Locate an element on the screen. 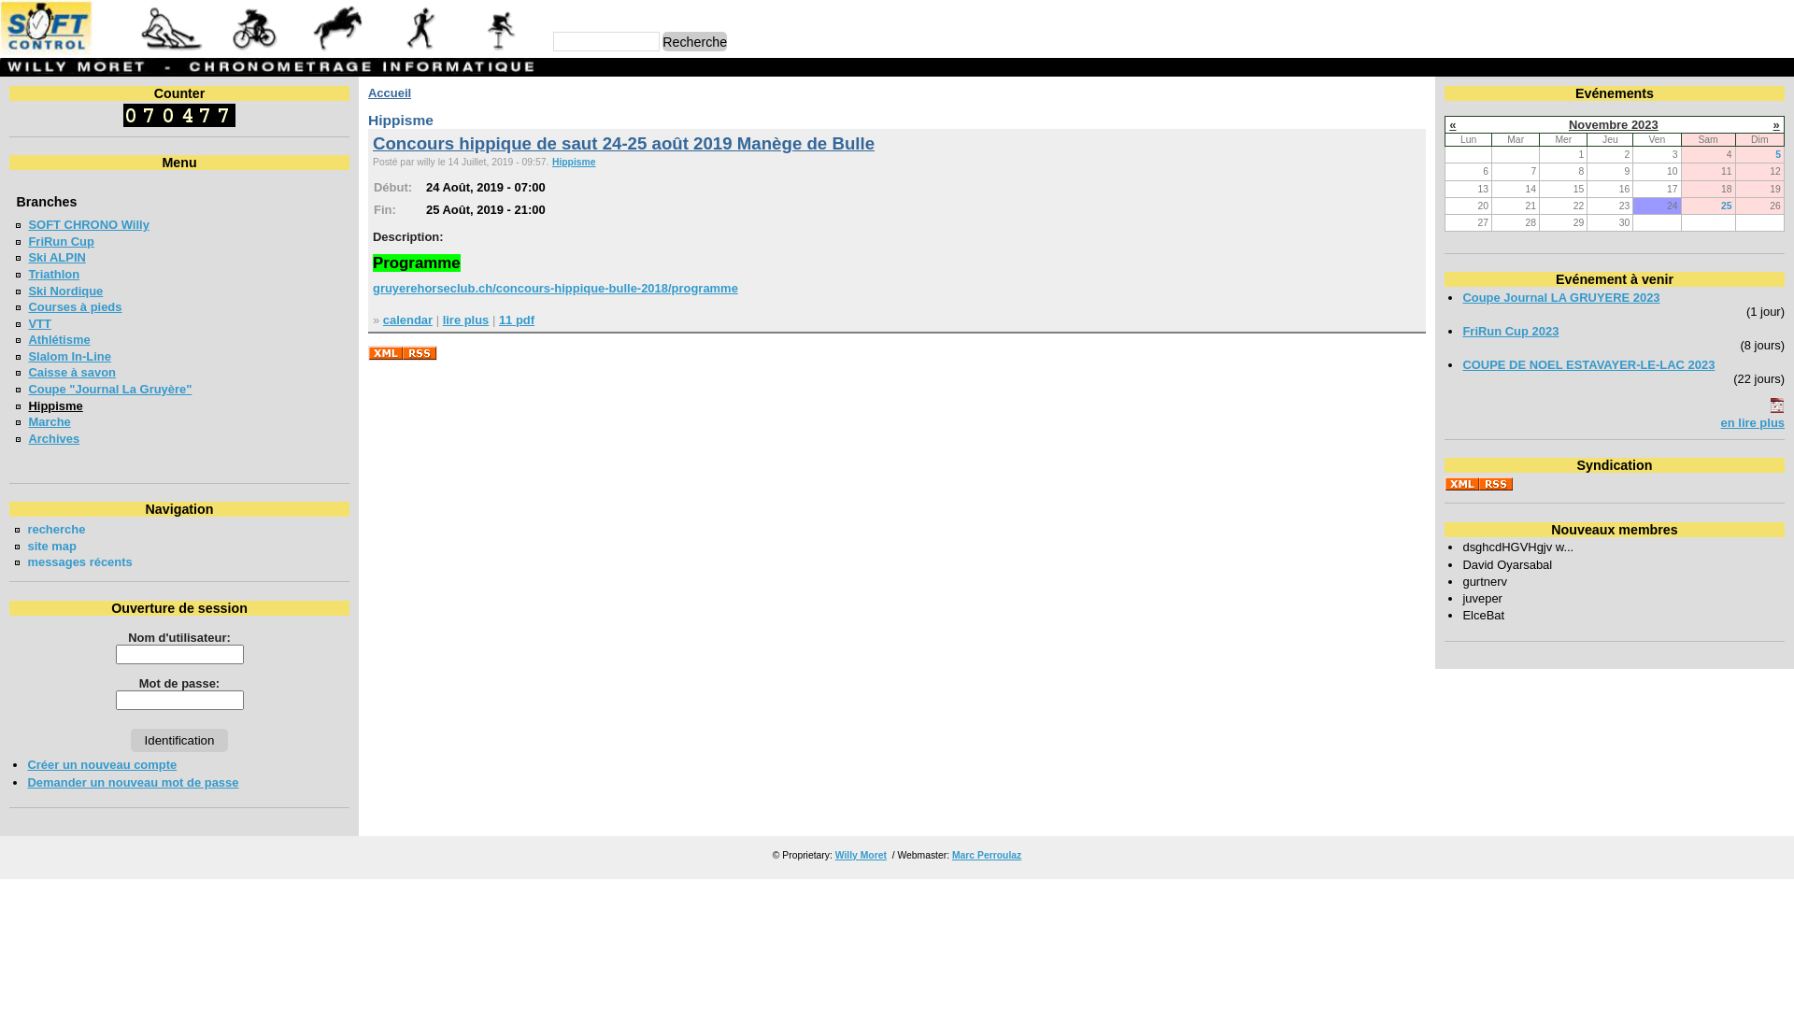  'Ski ALPIN' is located at coordinates (56, 257).